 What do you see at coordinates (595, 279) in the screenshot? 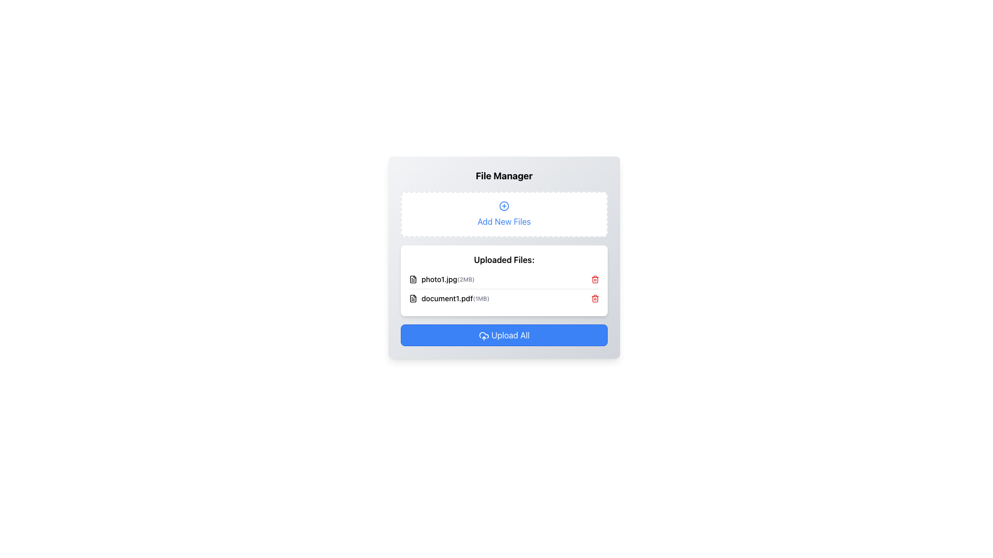
I see `the delete icon button located at the rightmost end of the row displaying 'photo1.jpg(2MB)'` at bounding box center [595, 279].